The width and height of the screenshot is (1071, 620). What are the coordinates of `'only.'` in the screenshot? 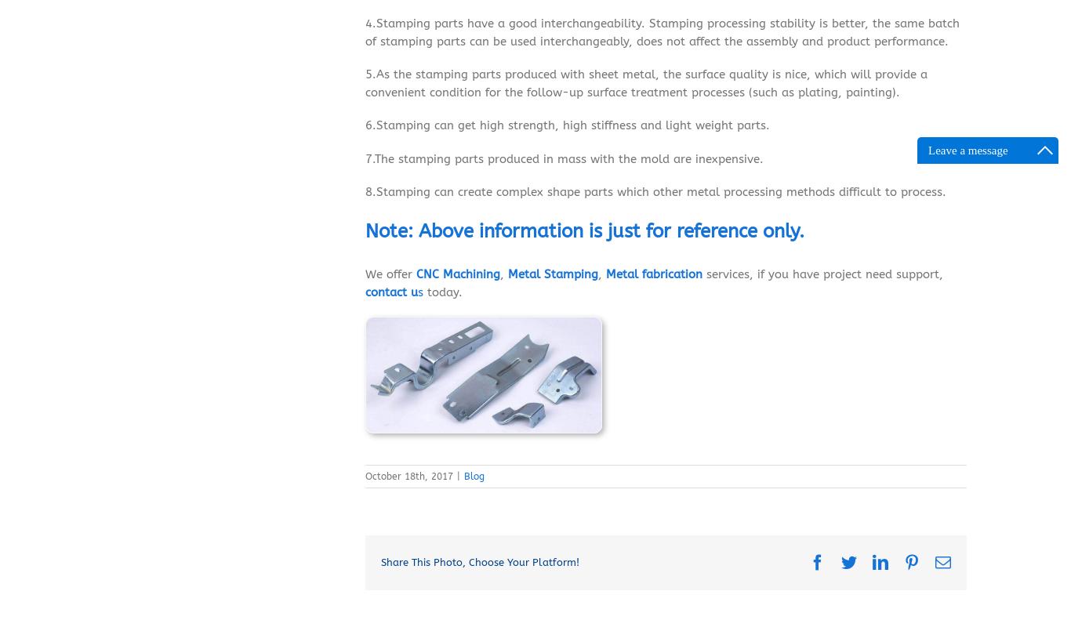 It's located at (780, 233).